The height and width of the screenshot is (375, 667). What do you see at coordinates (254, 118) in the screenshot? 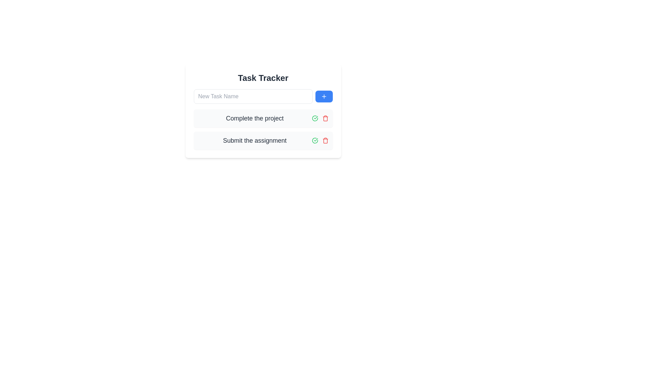
I see `the static text label displaying 'Complete the project', which is styled with a gray shade and larger font size, located in the first task entry of a list of tasks` at bounding box center [254, 118].